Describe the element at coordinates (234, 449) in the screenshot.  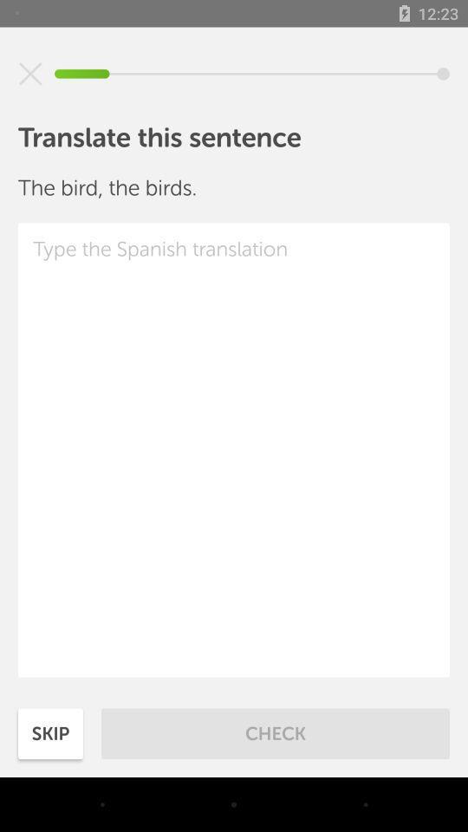
I see `the item below the item` at that location.